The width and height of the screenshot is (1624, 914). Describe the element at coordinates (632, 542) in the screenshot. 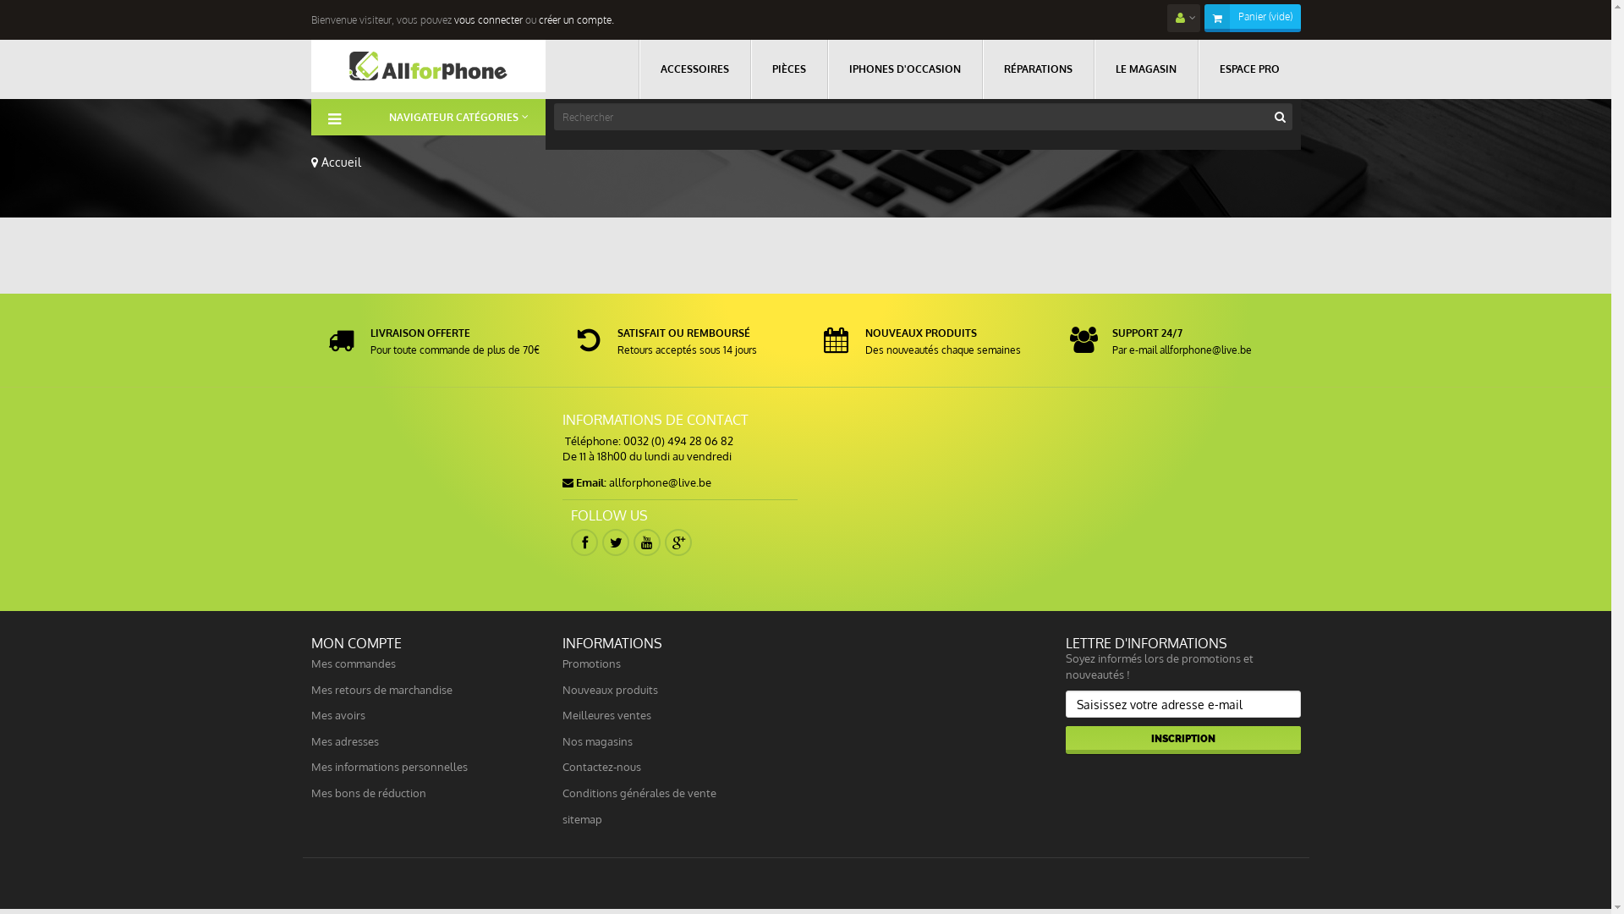

I see `'Youtube'` at that location.